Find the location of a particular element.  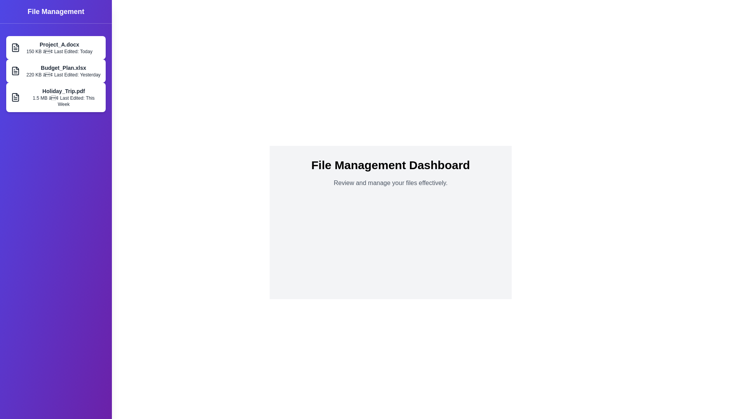

toggle button to toggle the drawer's open/close state is located at coordinates (15, 15).